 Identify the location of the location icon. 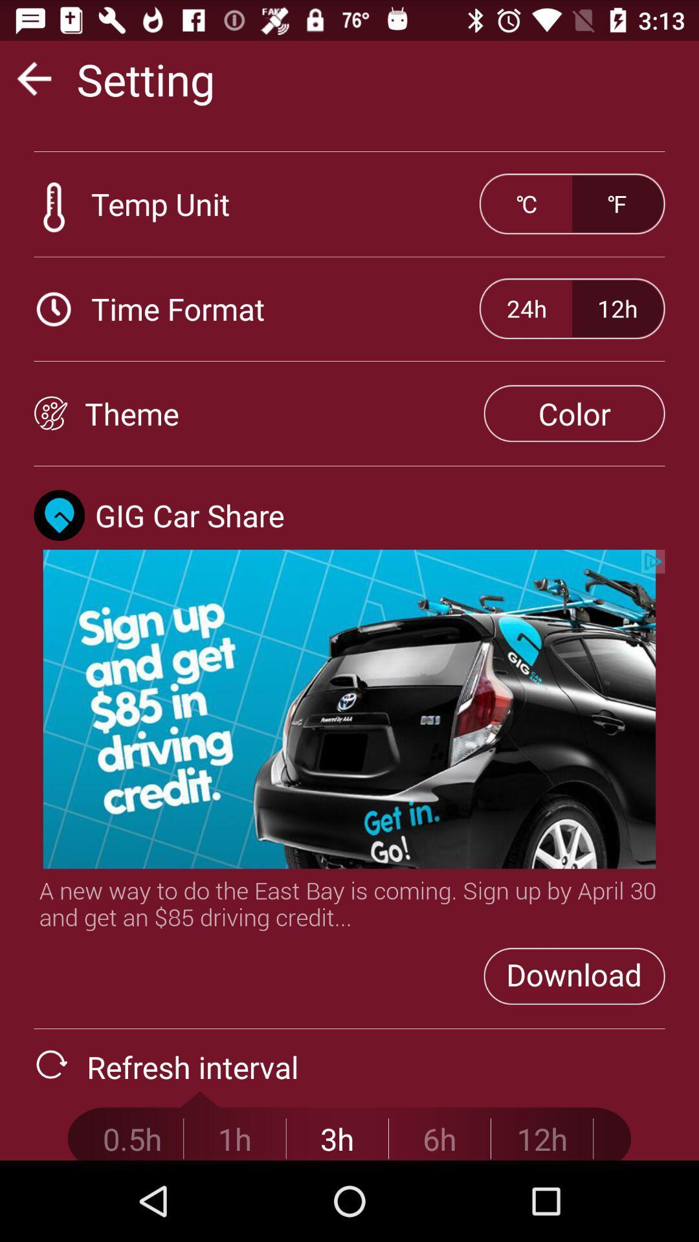
(59, 551).